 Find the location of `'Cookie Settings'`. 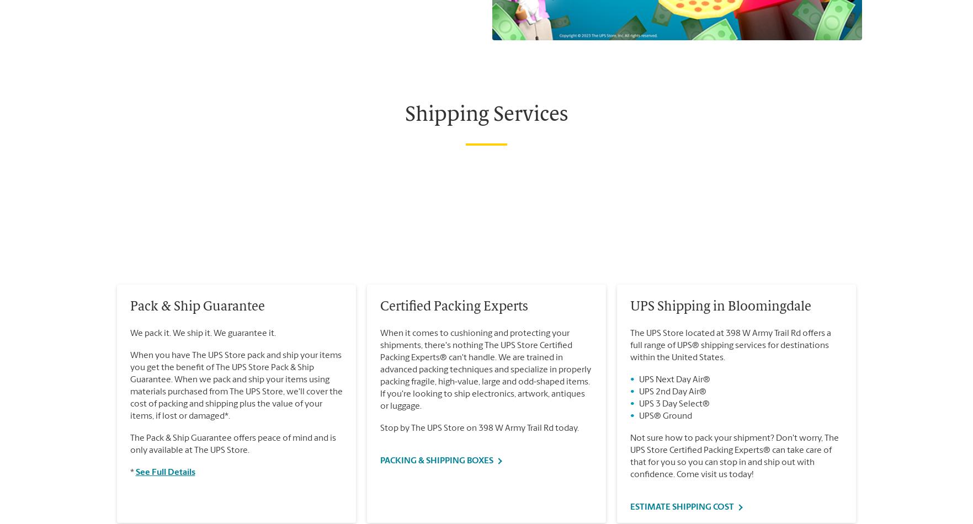

'Cookie Settings' is located at coordinates (133, 111).